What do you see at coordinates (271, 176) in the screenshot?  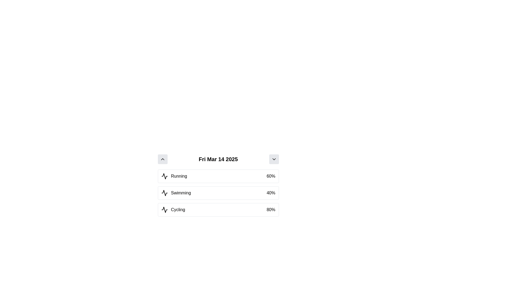 I see `the text label displaying '60%' in bold, black font, which is located in the rightmost part of the first row, aligned horizontally with 'Running' and vertically above '40%' and '80%` at bounding box center [271, 176].